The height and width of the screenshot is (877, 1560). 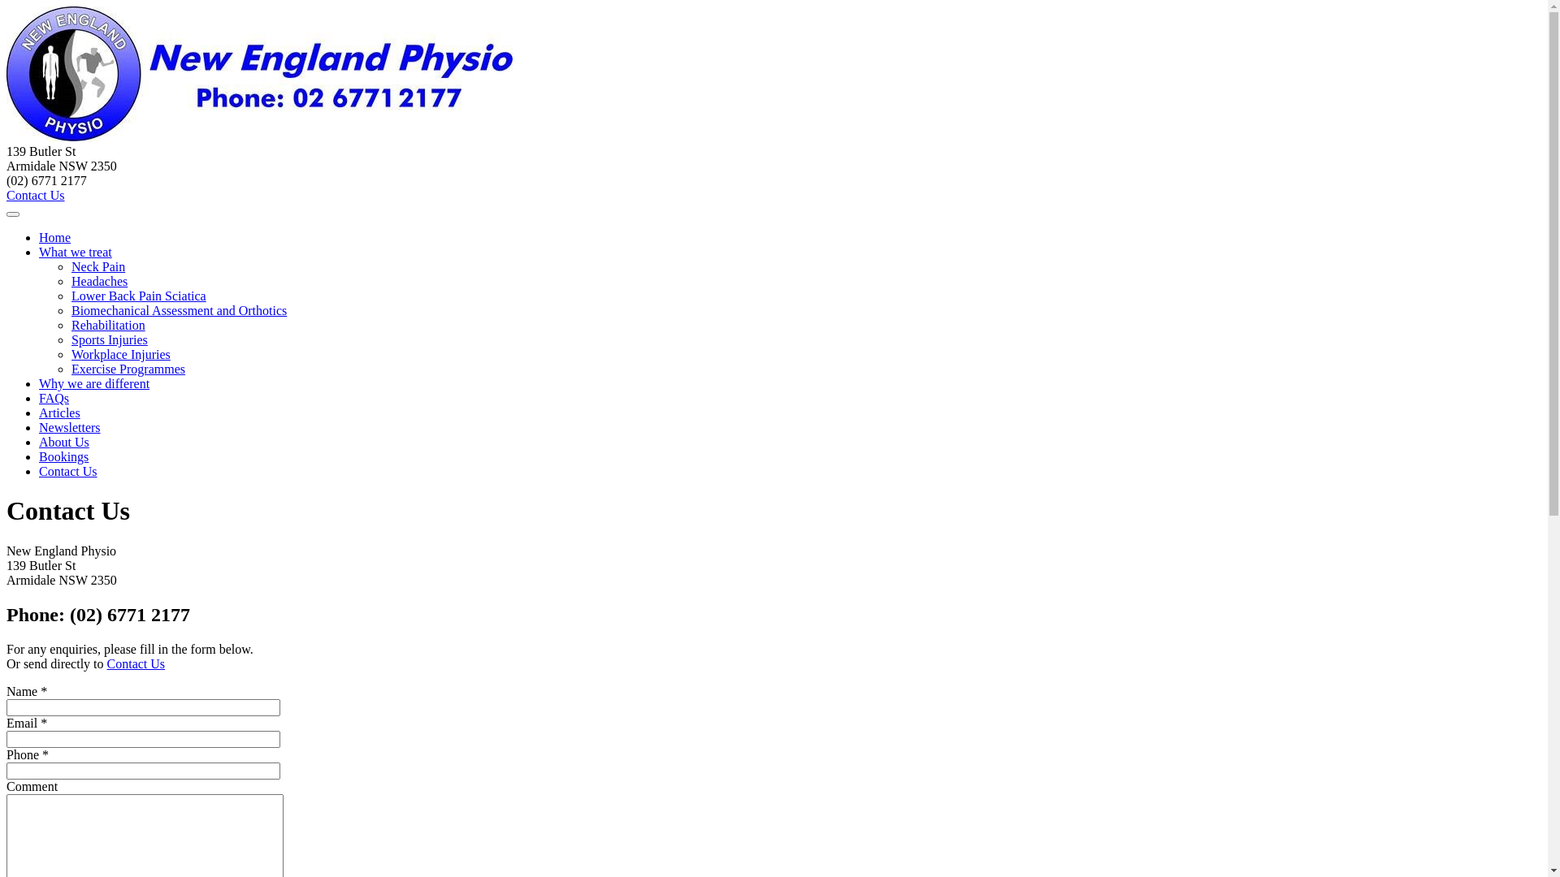 What do you see at coordinates (59, 412) in the screenshot?
I see `'Articles'` at bounding box center [59, 412].